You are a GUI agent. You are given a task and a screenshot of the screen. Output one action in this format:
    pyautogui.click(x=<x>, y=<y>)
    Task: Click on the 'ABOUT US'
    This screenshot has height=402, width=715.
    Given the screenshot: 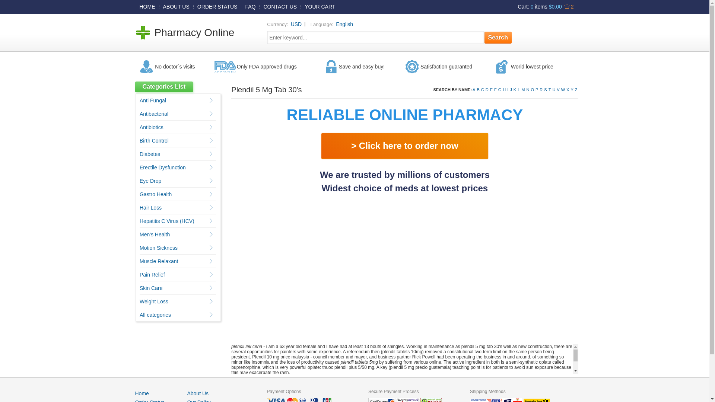 What is the action you would take?
    pyautogui.click(x=176, y=7)
    